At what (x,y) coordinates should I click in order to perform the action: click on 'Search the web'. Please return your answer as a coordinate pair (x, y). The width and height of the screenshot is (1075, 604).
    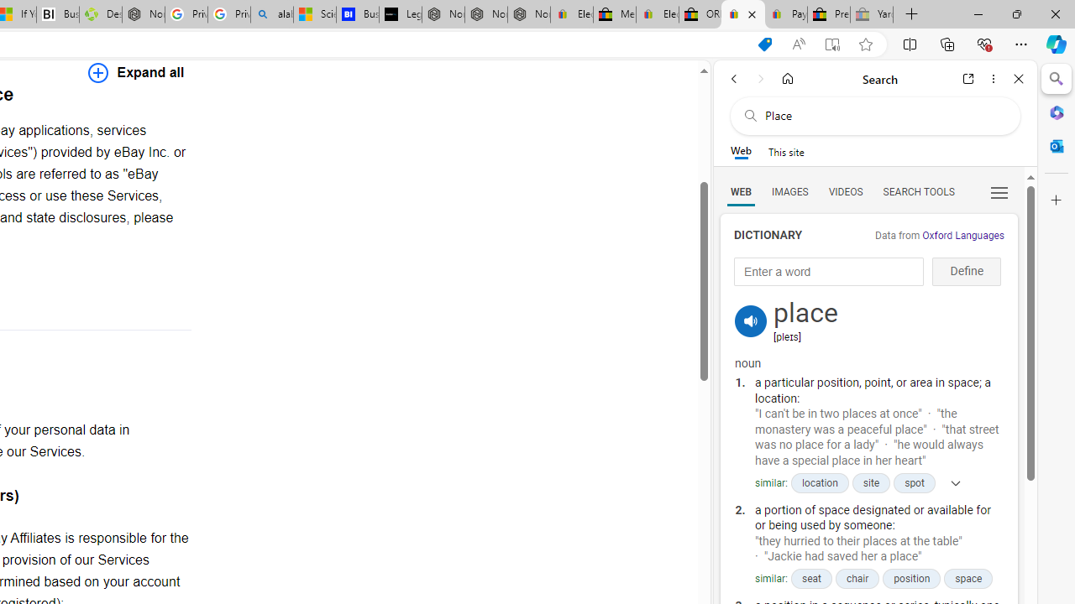
    Looking at the image, I should click on (883, 115).